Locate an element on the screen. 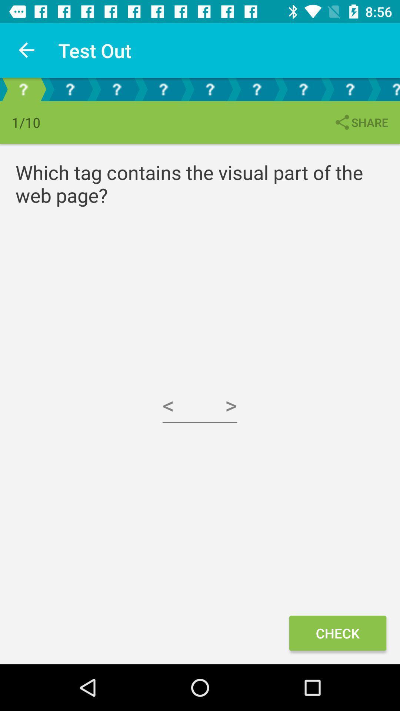 This screenshot has height=711, width=400. the check at the bottom right corner is located at coordinates (337, 632).